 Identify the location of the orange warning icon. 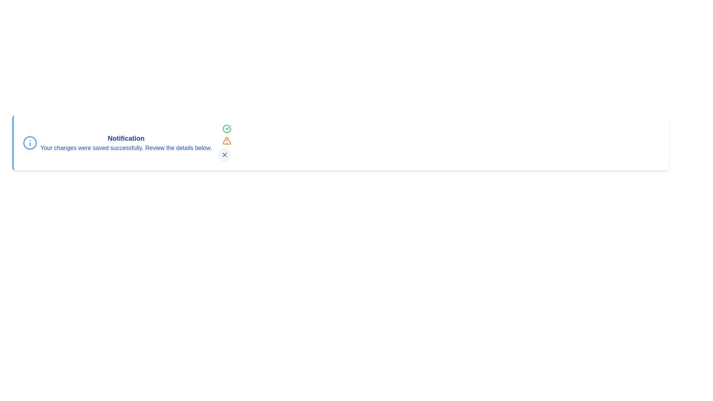
(226, 140).